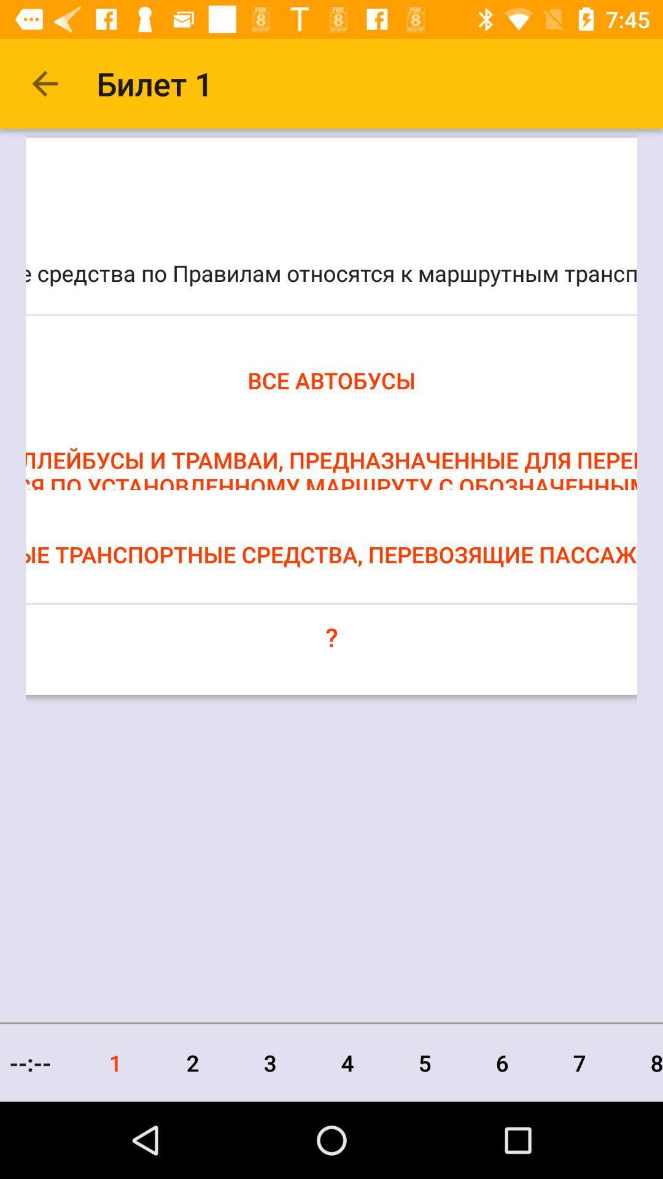 Image resolution: width=663 pixels, height=1179 pixels. I want to click on the icon next to 6 item, so click(424, 1062).